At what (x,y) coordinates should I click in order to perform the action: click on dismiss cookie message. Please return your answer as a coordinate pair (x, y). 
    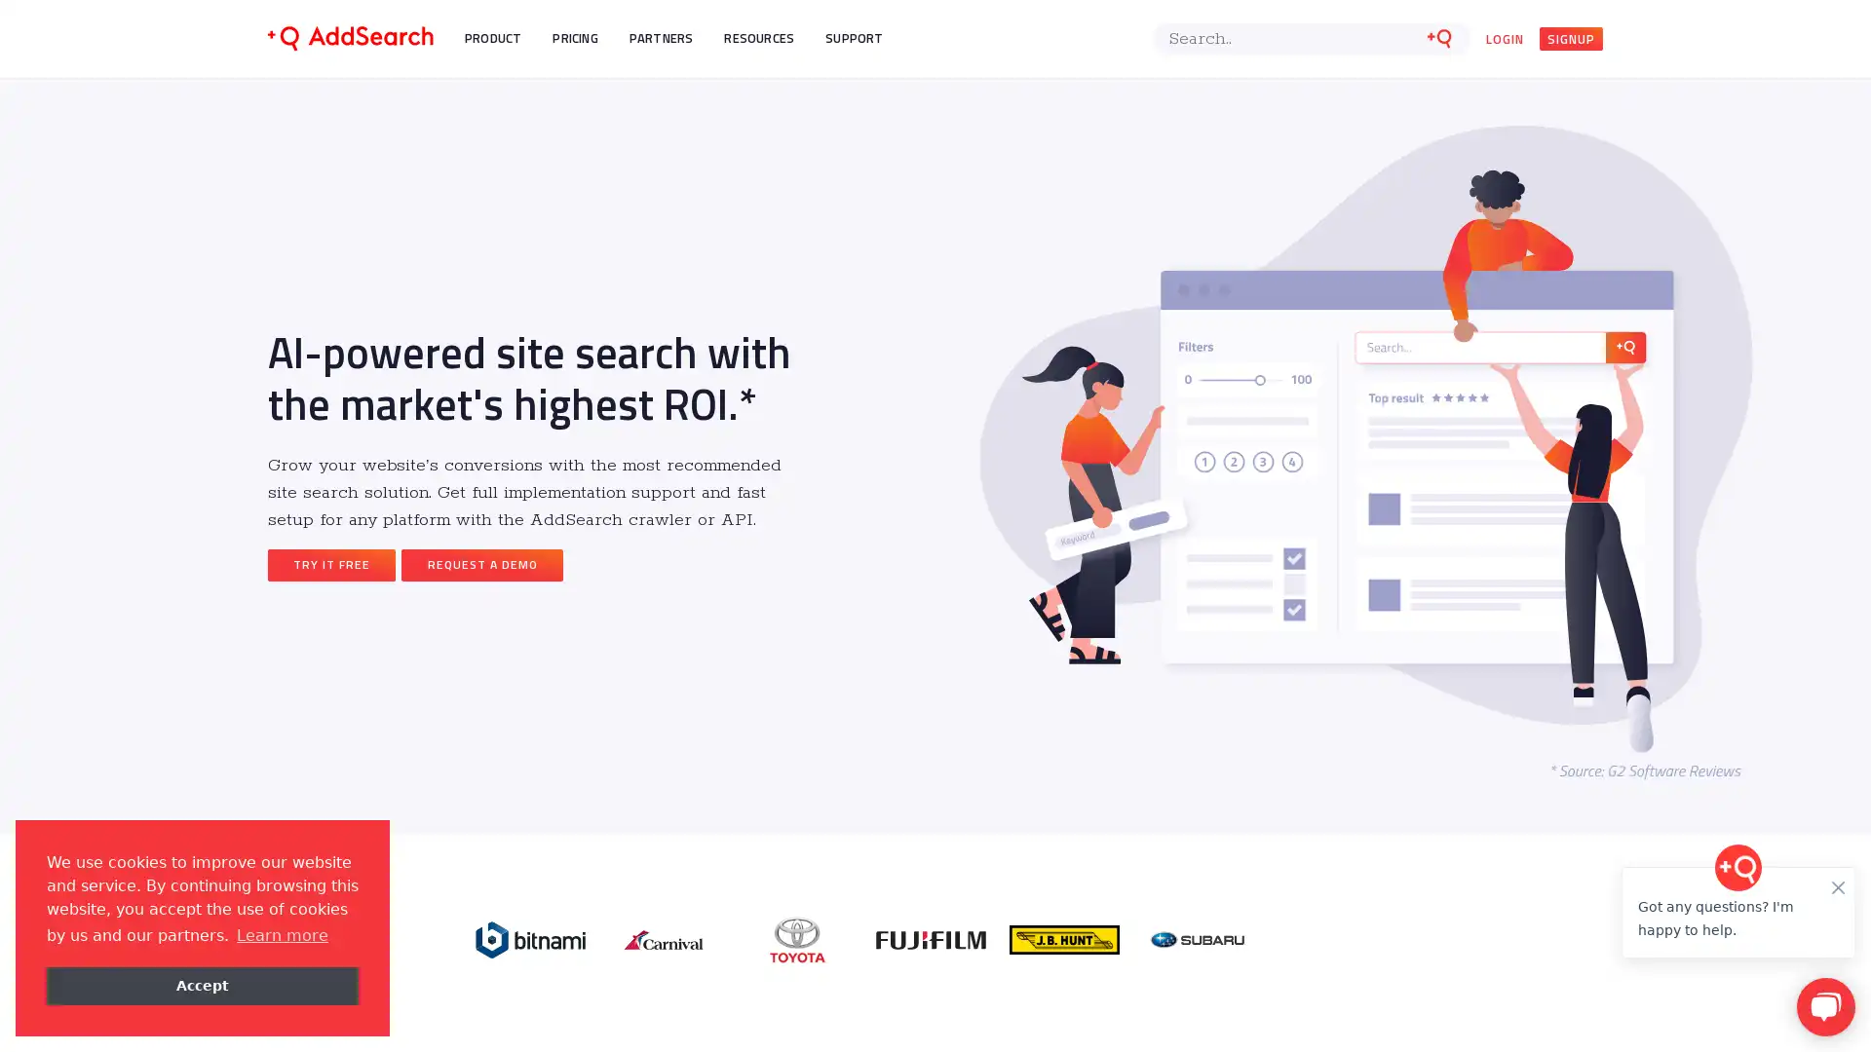
    Looking at the image, I should click on (202, 985).